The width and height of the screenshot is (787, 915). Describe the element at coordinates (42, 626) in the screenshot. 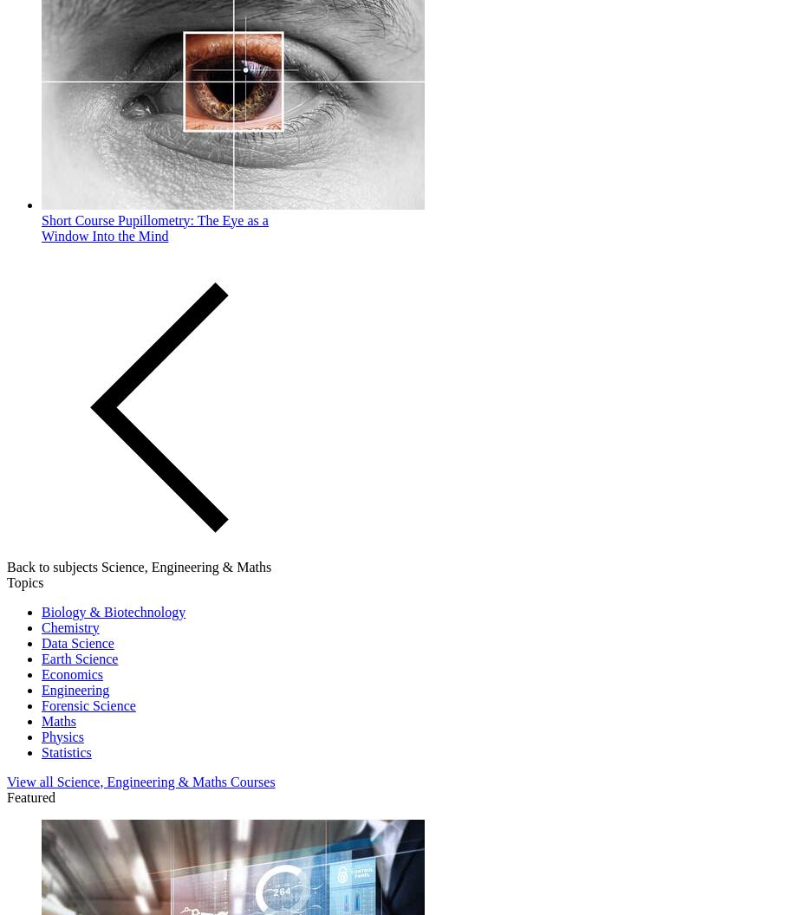

I see `'Chemistry'` at that location.